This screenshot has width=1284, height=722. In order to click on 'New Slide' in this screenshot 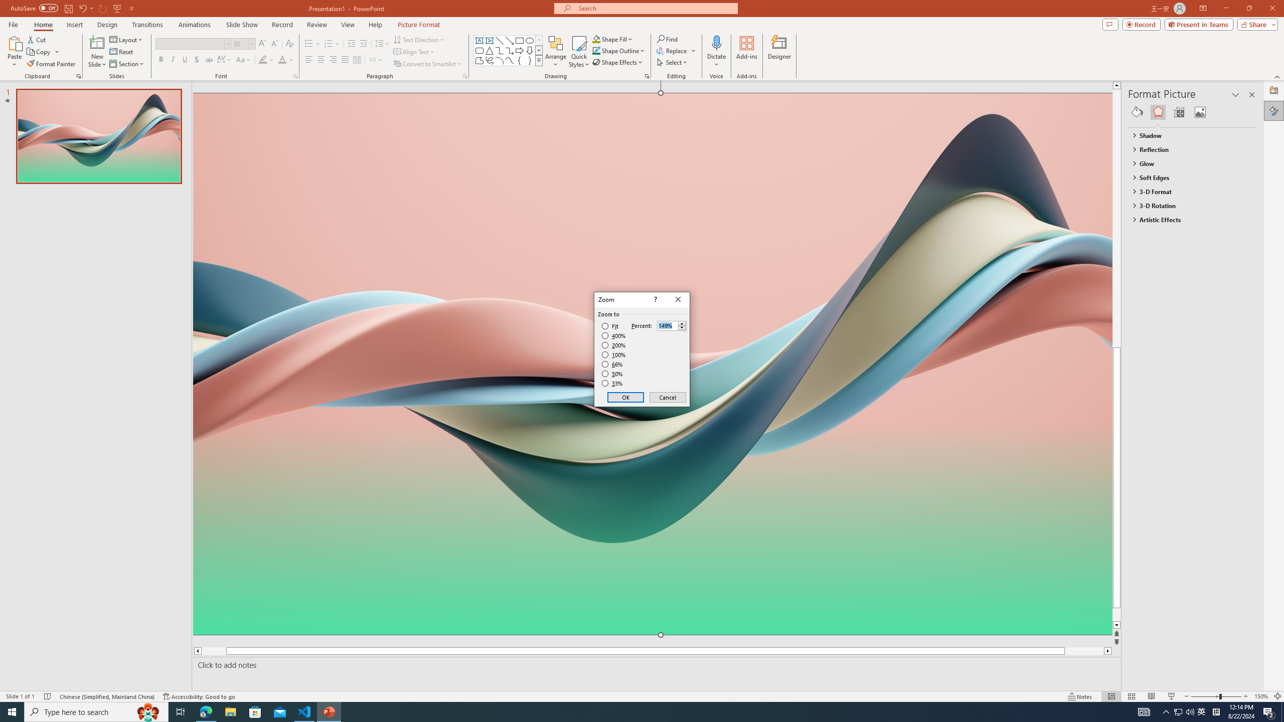, I will do `click(97, 52)`.